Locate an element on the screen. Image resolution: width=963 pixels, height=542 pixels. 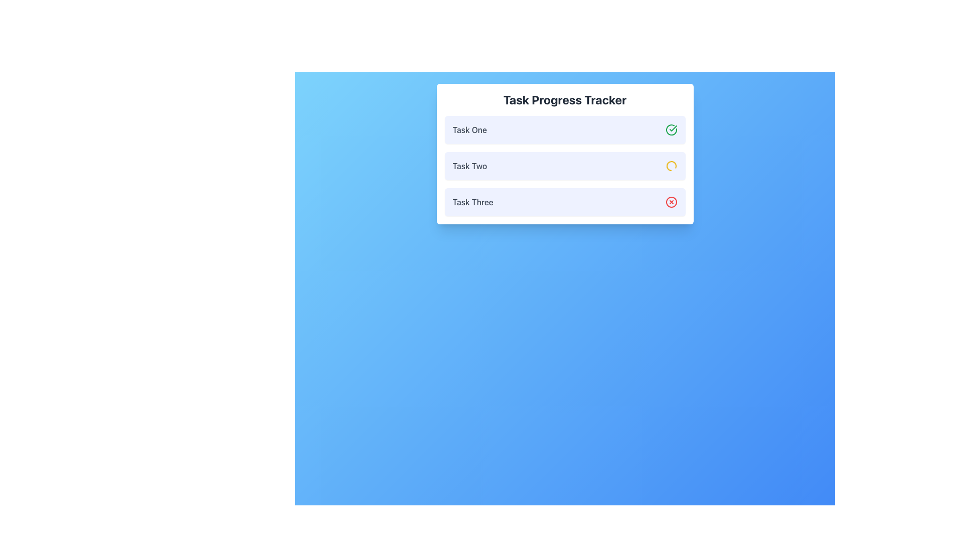
the circular animated loader icon with a yellow outline located within the 'Task Two' card layout, positioned adjacent to the text label 'Task Two' is located at coordinates (671, 166).